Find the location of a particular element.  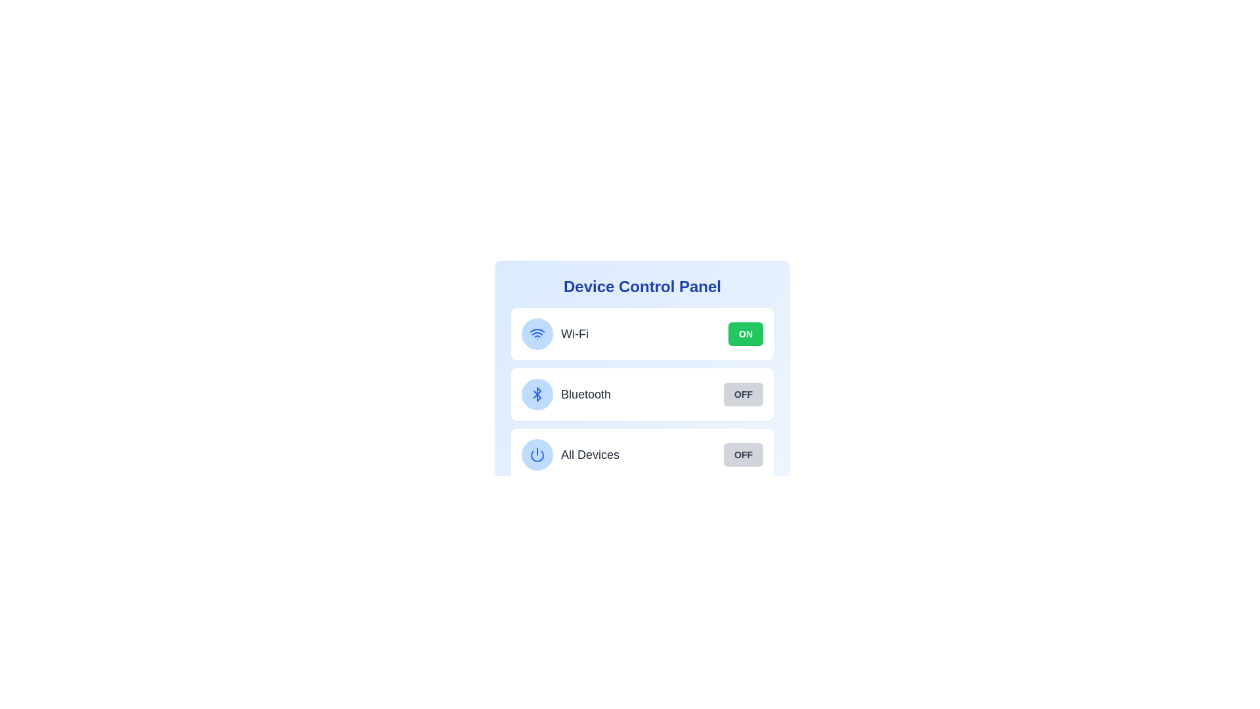

the static text label displaying 'Wi-Fi' which is part of the configuration interface, located at the top entry of a list of control options in a card layout is located at coordinates (574, 333).